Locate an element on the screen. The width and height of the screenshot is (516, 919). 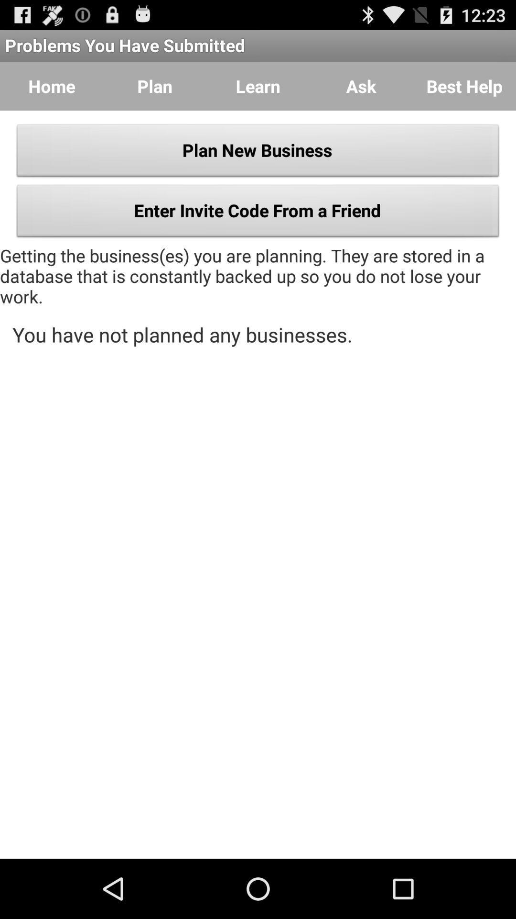
the icon below problems you have icon is located at coordinates (52, 86).